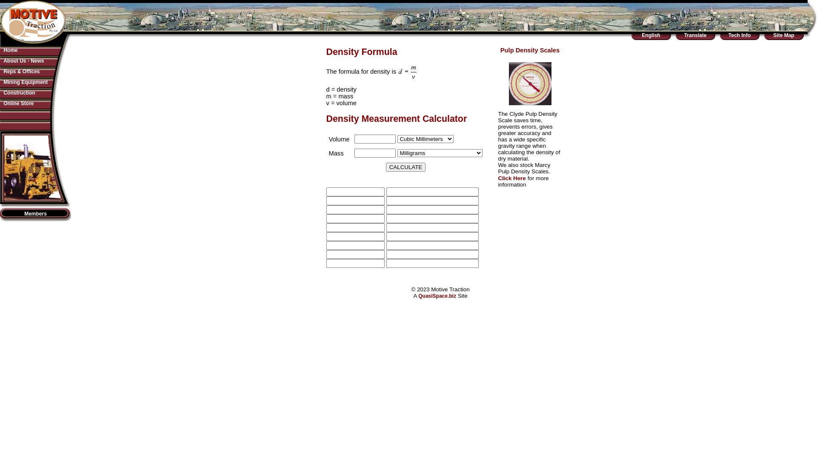 The height and width of the screenshot is (460, 817). Describe the element at coordinates (511, 178) in the screenshot. I see `'Click Here'` at that location.